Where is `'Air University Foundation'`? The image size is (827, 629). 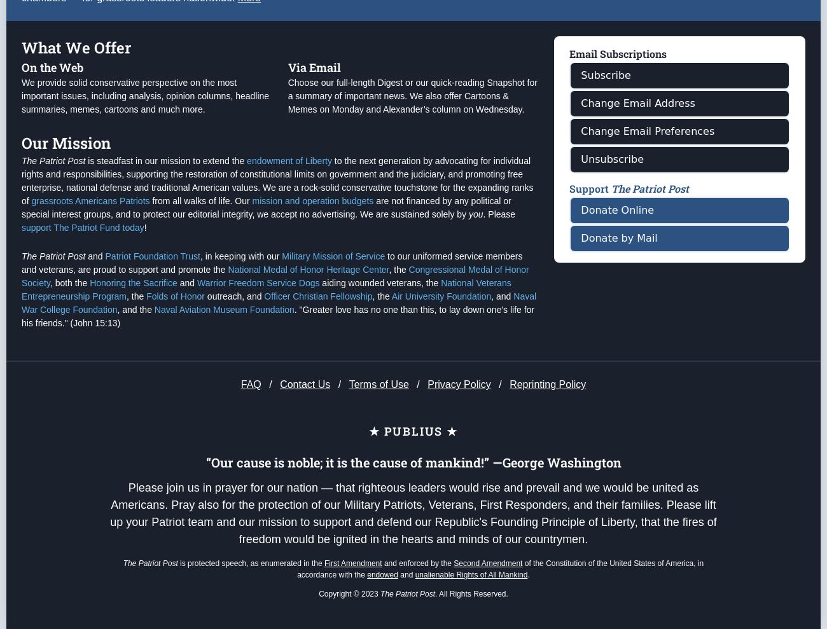
'Air University Foundation' is located at coordinates (440, 347).